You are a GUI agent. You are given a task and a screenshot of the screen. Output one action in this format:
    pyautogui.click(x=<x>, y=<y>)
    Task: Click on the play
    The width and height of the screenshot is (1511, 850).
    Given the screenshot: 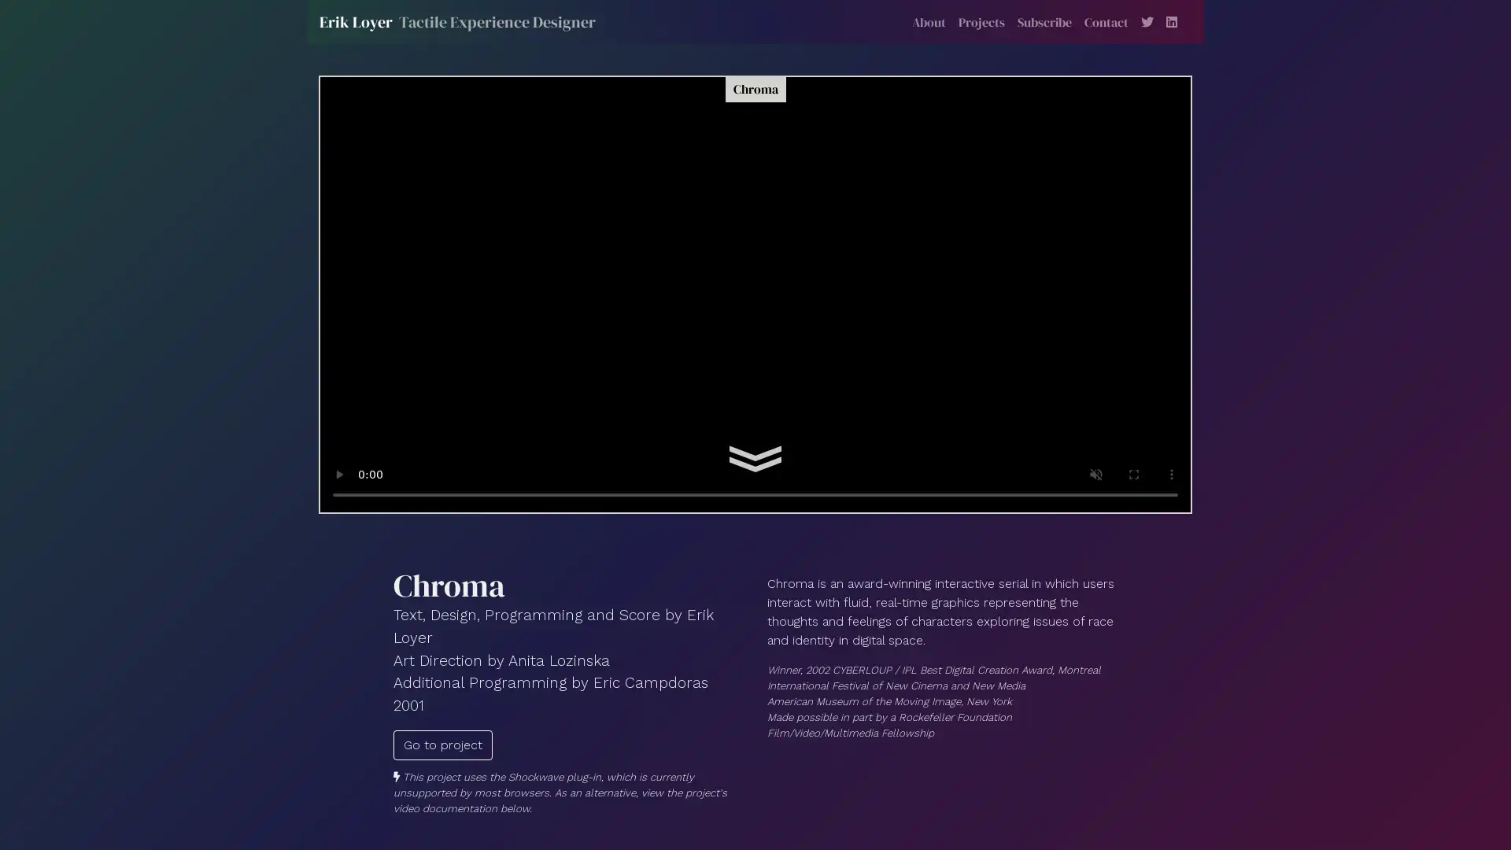 What is the action you would take?
    pyautogui.click(x=338, y=473)
    